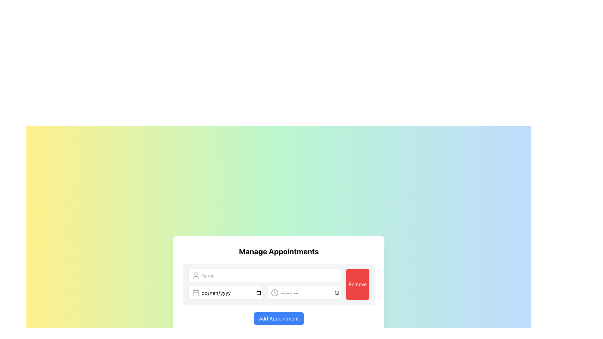  I want to click on the gray calendar icon with outlined lines, so click(196, 293).